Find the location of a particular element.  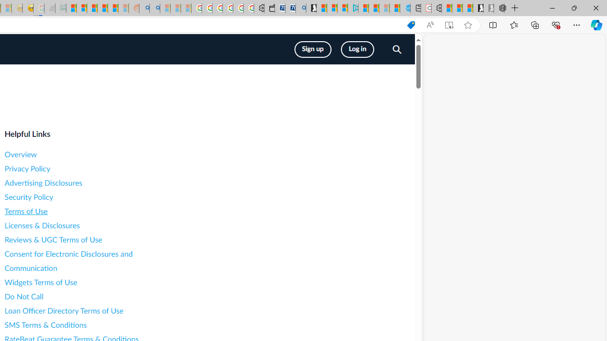

'Search LendingTree' is located at coordinates (397, 50).